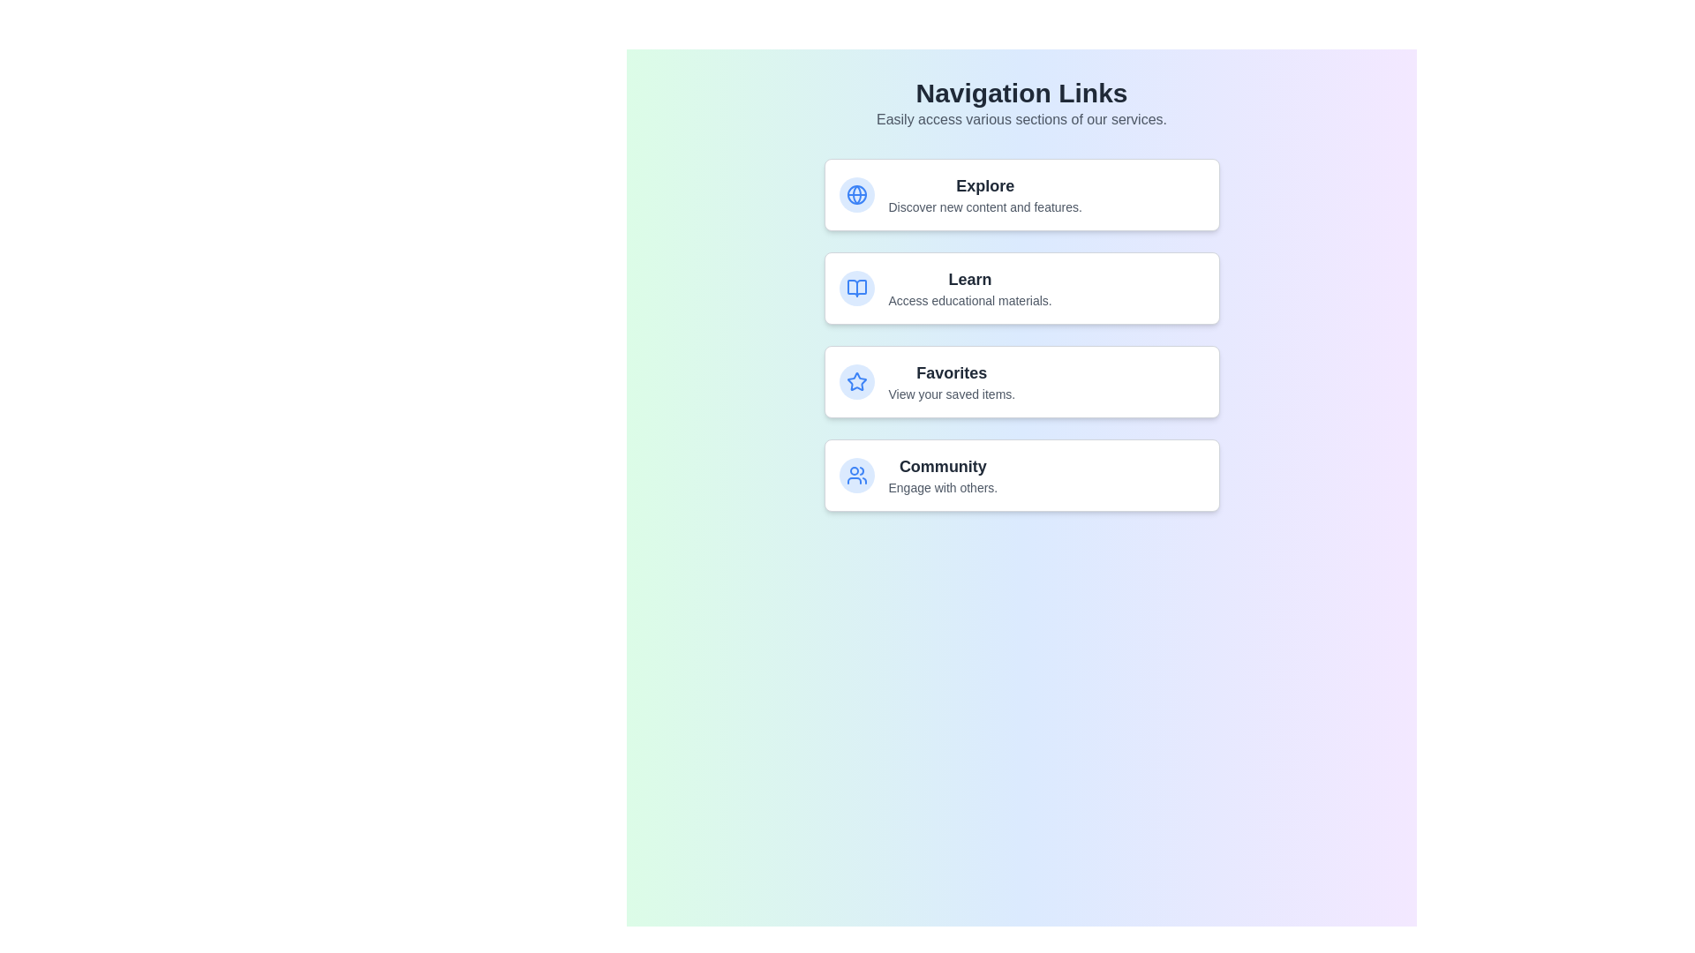  I want to click on descriptive text that says 'View your saved items.' located beneath the 'Favorites' heading in the Favorites section, so click(951, 394).